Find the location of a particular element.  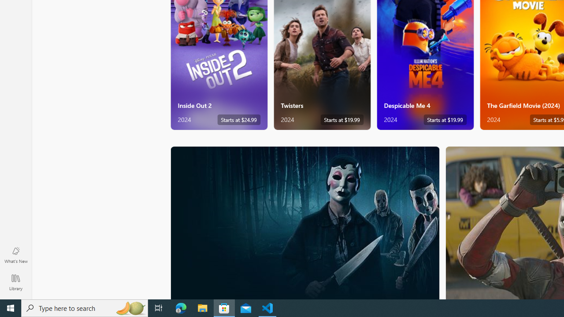

'AutomationID: PosterImage' is located at coordinates (304, 222).